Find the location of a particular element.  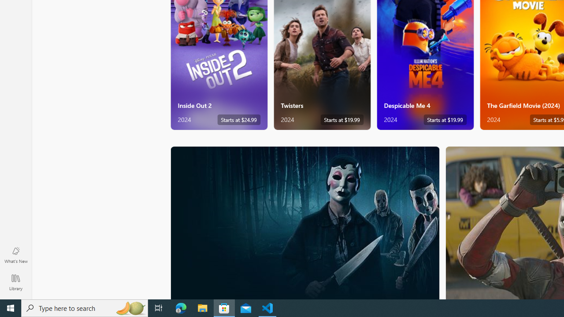

'AutomationID: PosterImage' is located at coordinates (304, 222).